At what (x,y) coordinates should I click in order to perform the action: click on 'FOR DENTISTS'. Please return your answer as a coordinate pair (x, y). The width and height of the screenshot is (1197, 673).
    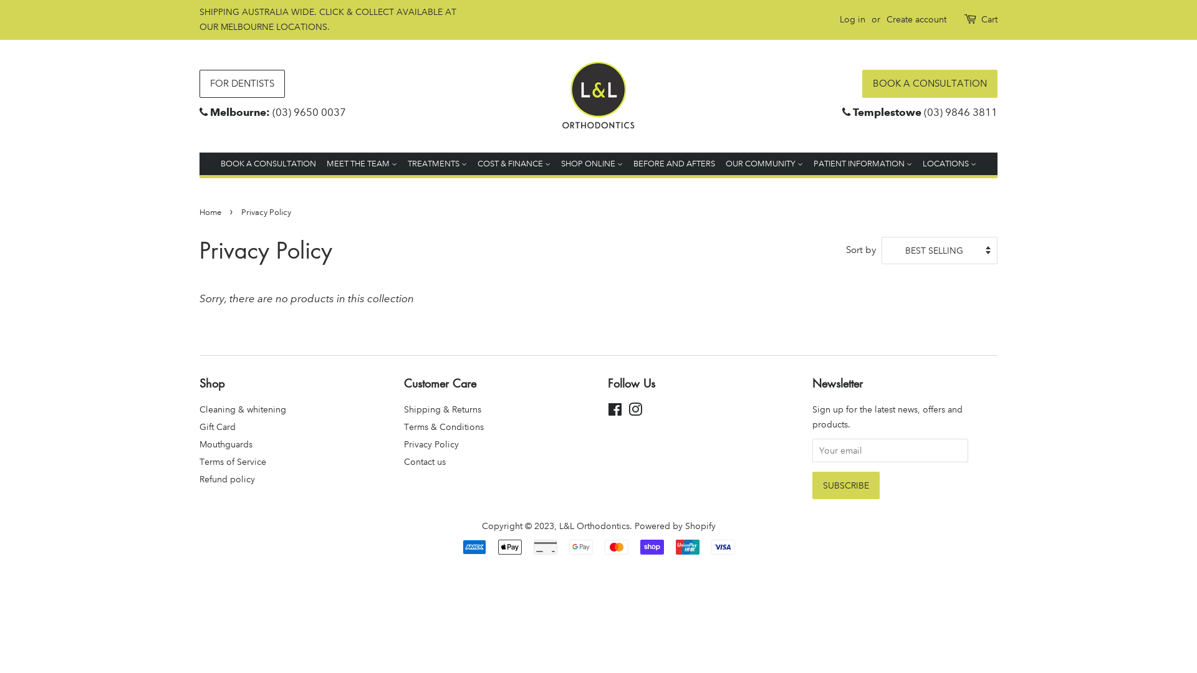
    Looking at the image, I should click on (242, 84).